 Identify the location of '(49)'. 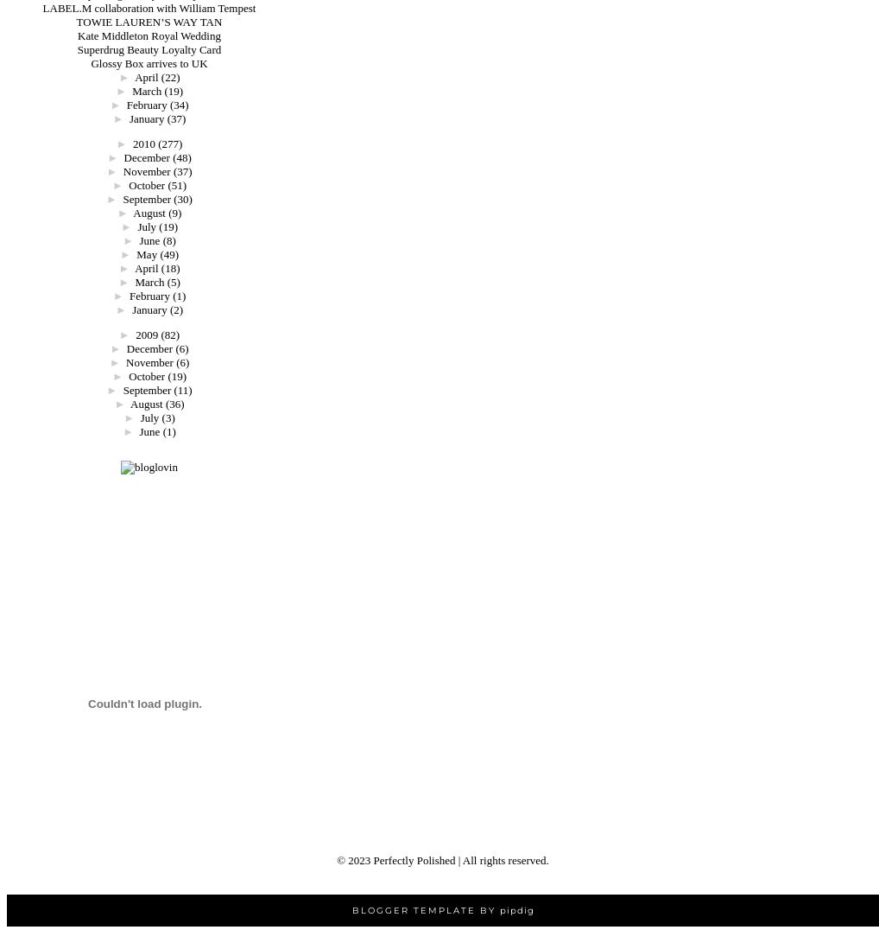
(168, 253).